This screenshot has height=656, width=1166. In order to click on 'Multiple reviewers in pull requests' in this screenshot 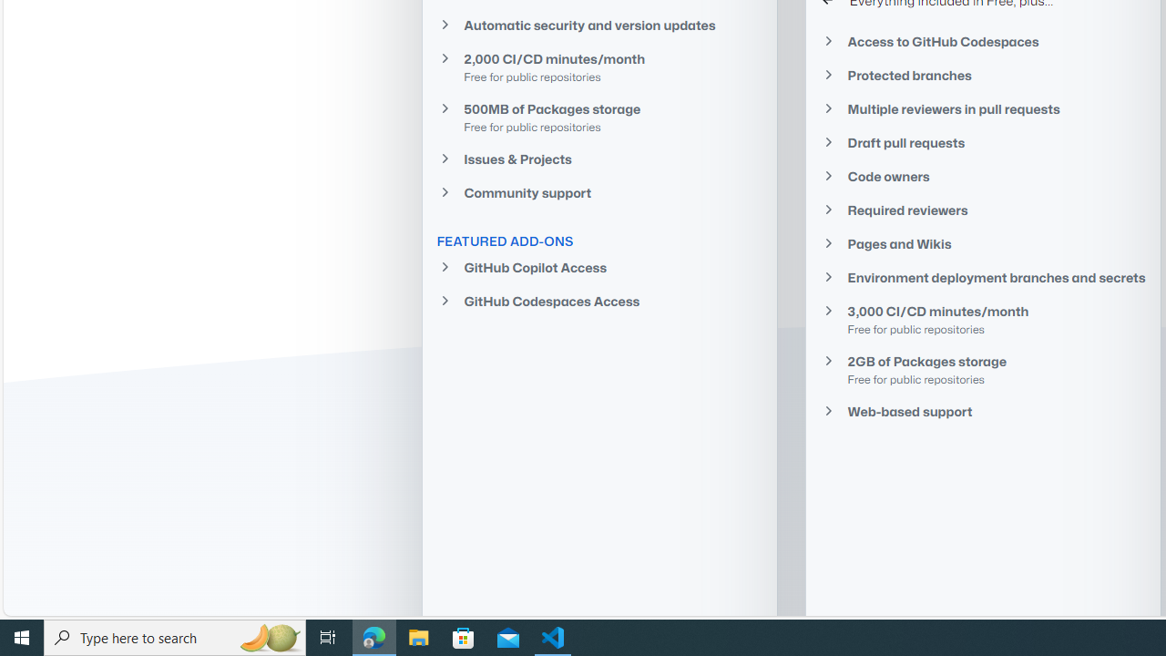, I will do `click(982, 108)`.